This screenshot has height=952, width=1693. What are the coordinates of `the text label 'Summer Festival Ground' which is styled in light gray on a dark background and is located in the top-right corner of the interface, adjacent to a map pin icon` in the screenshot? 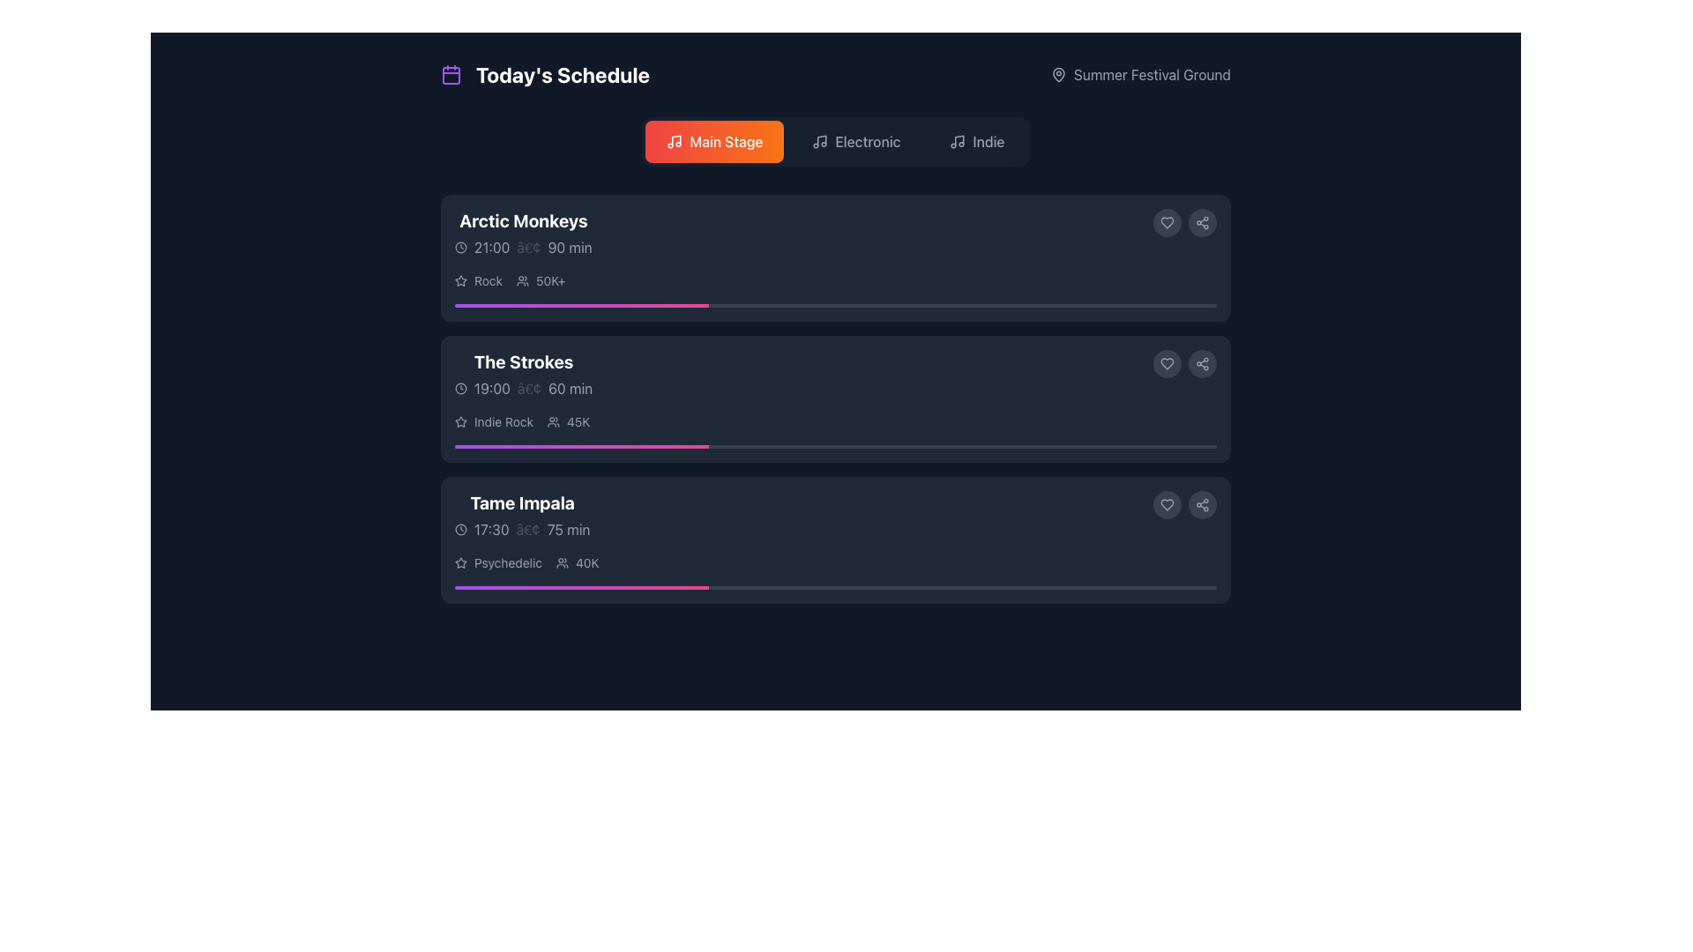 It's located at (1152, 73).